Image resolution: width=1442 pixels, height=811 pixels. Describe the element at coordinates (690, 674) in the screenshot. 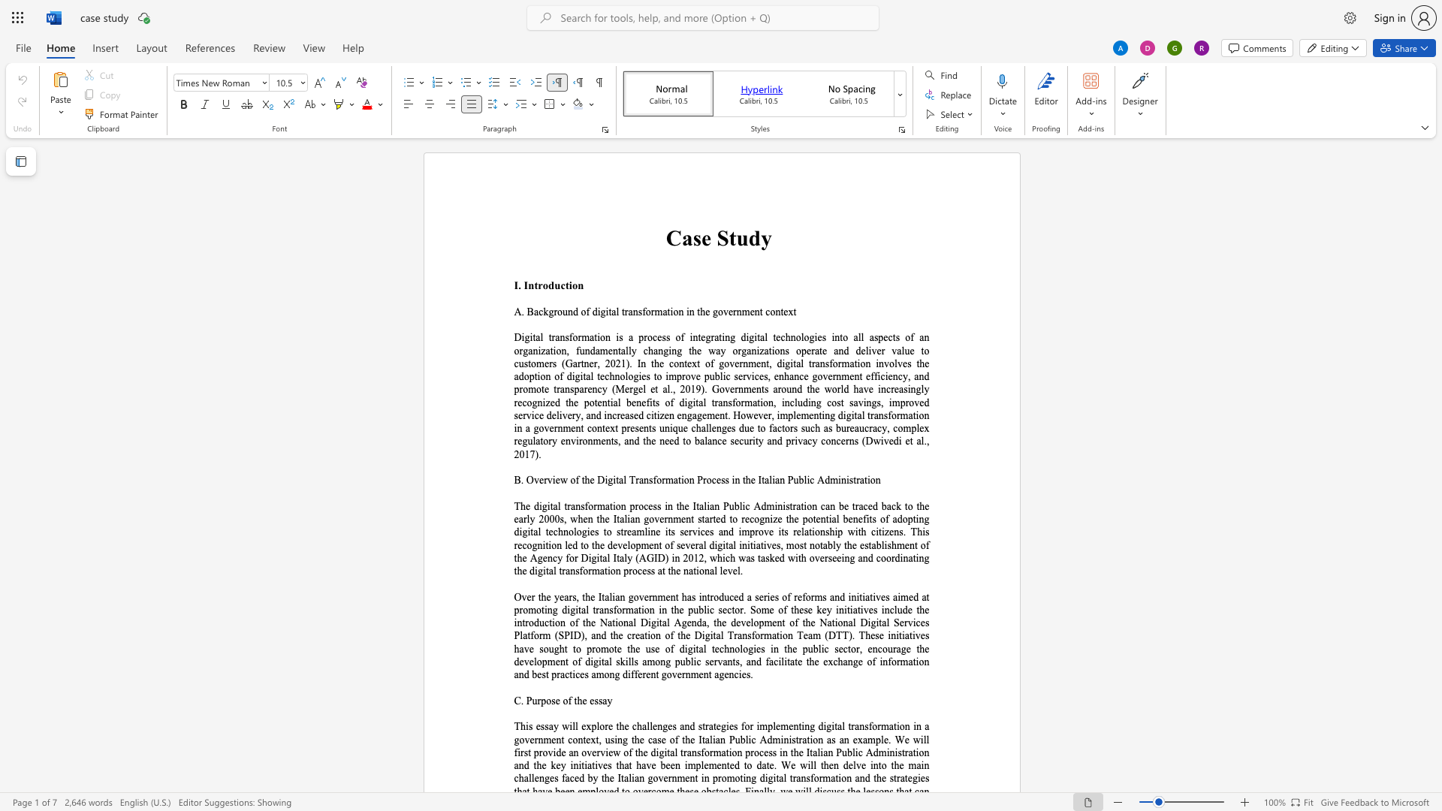

I see `the space between the continuous character "n" and "m" in the text` at that location.